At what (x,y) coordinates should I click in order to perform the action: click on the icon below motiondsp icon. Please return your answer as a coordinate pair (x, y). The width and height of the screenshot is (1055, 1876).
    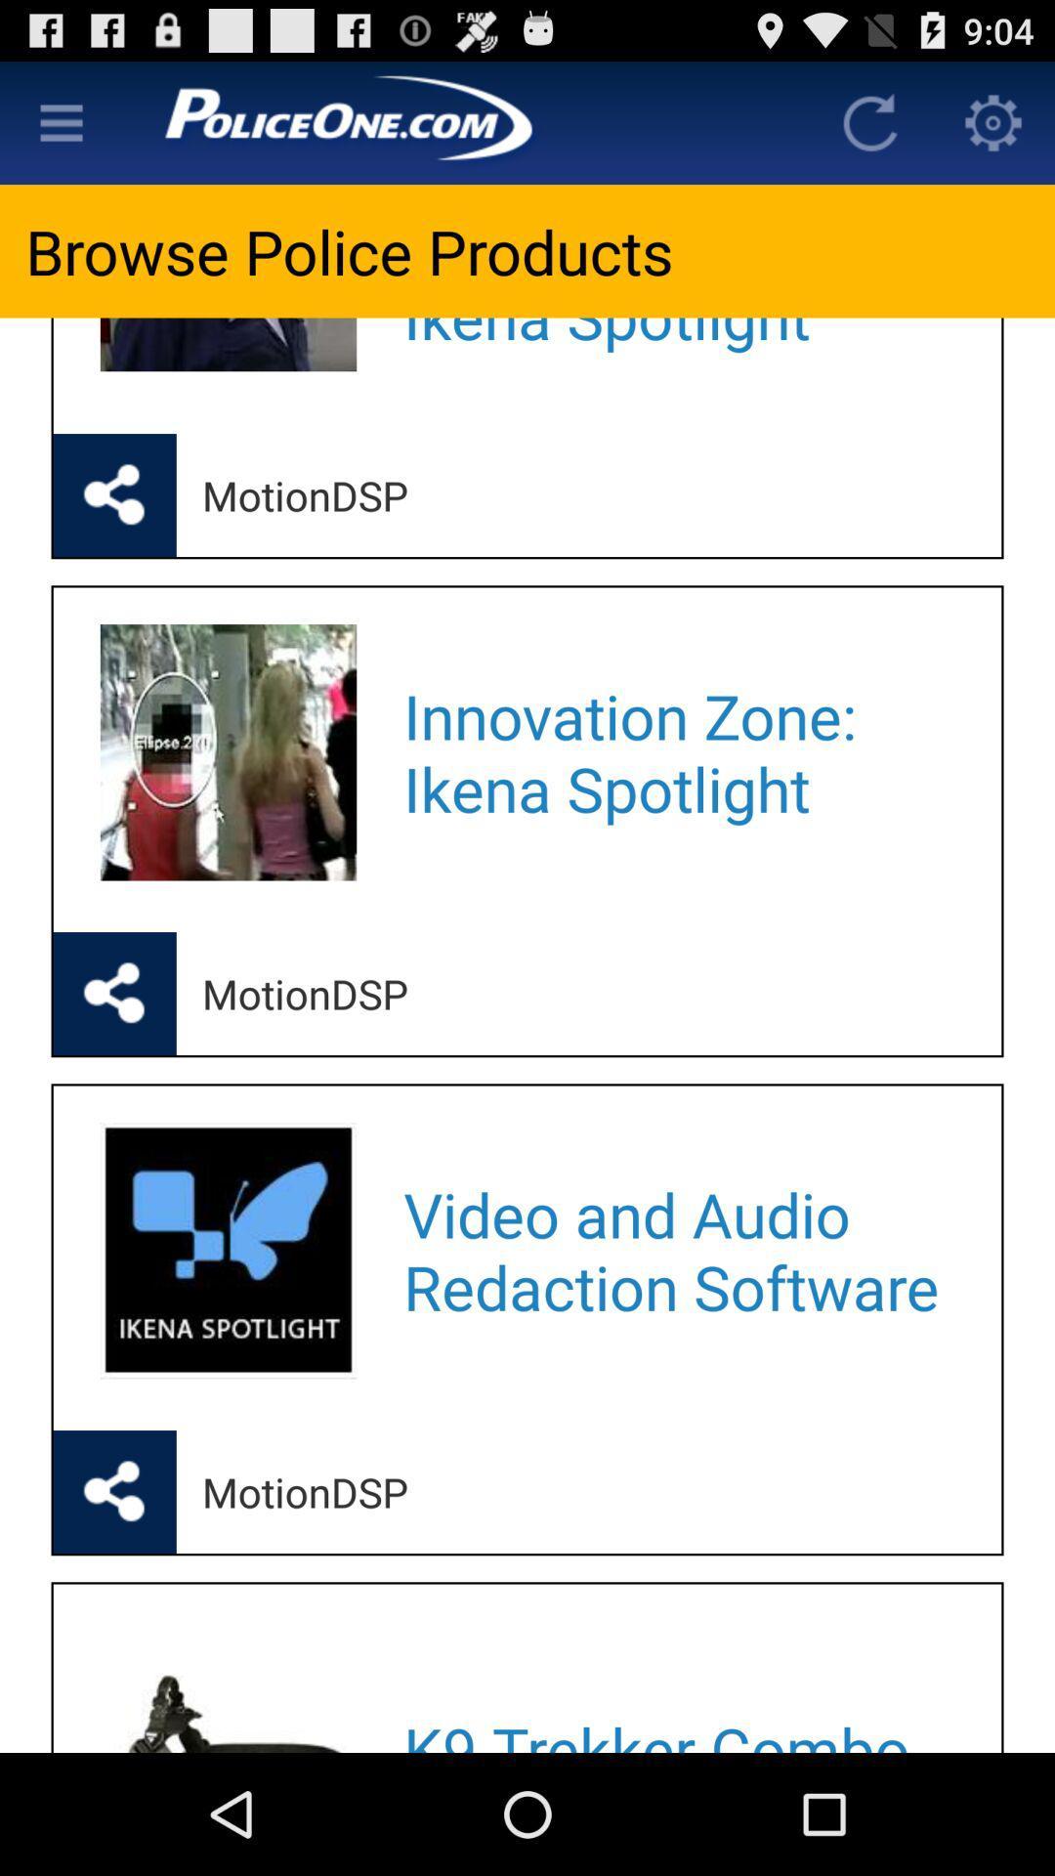
    Looking at the image, I should click on (676, 1685).